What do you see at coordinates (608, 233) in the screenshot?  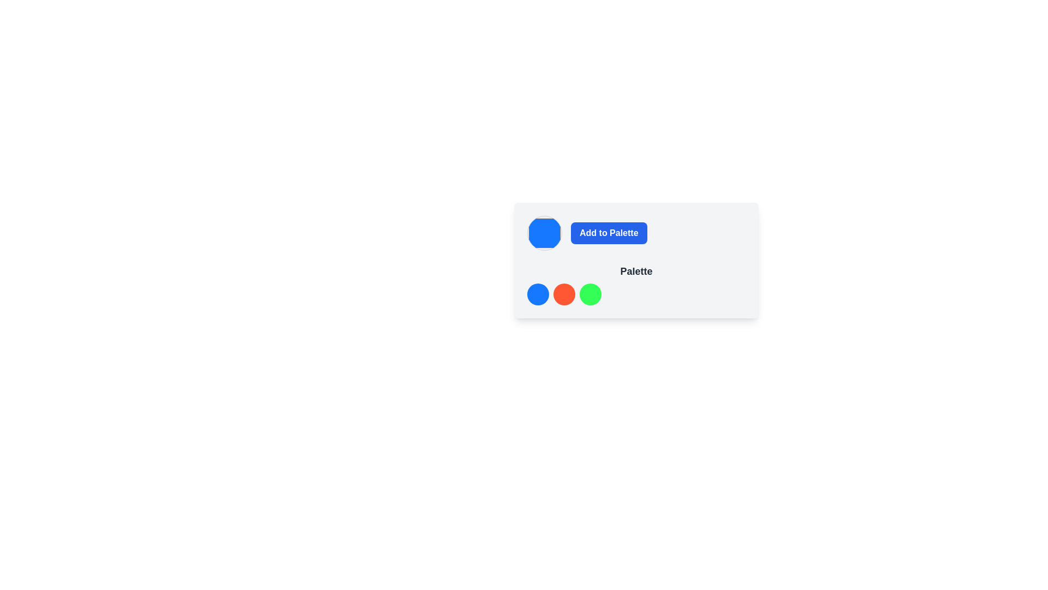 I see `the rectangular button with a blue background and white text that reads 'Add to Palette'` at bounding box center [608, 233].